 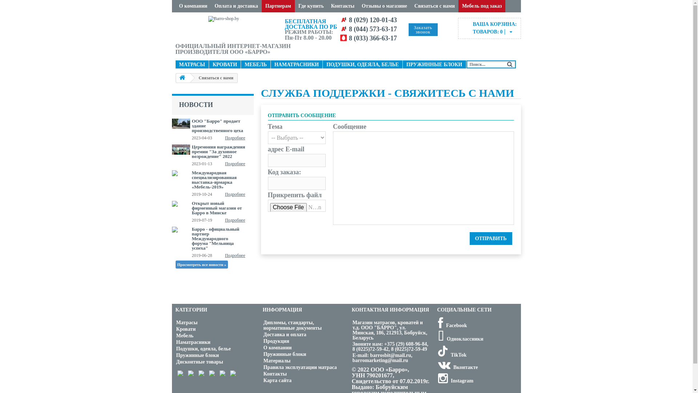 What do you see at coordinates (437, 380) in the screenshot?
I see `'Instagram'` at bounding box center [437, 380].